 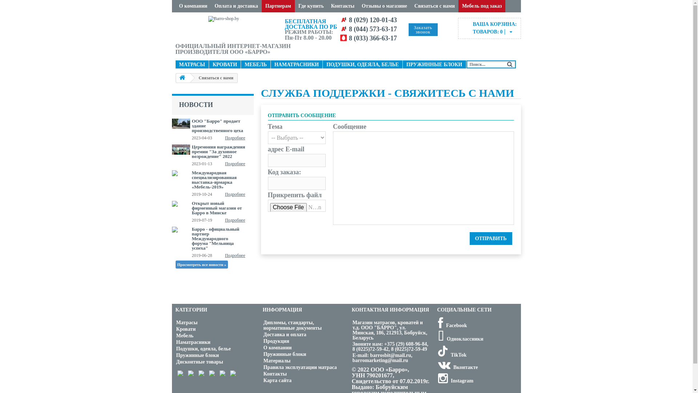 What do you see at coordinates (437, 380) in the screenshot?
I see `'Instagram'` at bounding box center [437, 380].